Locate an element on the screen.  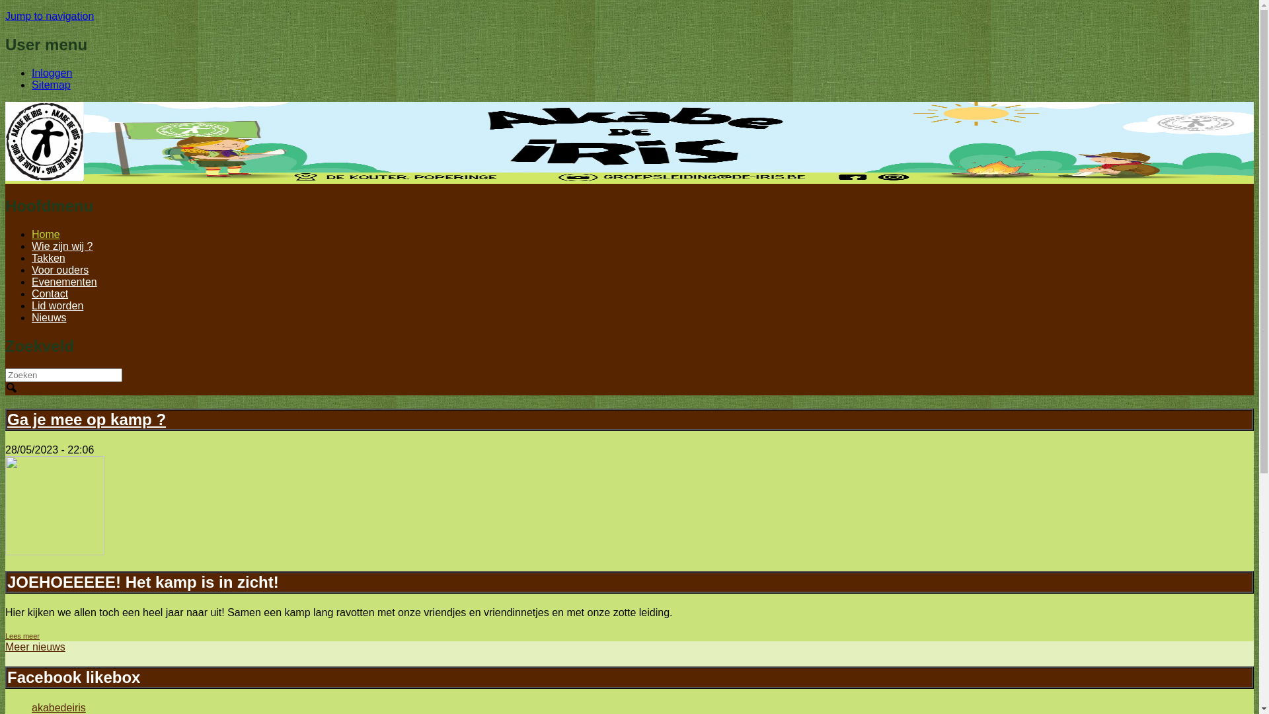
'Ga je mee op kamp ?' is located at coordinates (85, 419).